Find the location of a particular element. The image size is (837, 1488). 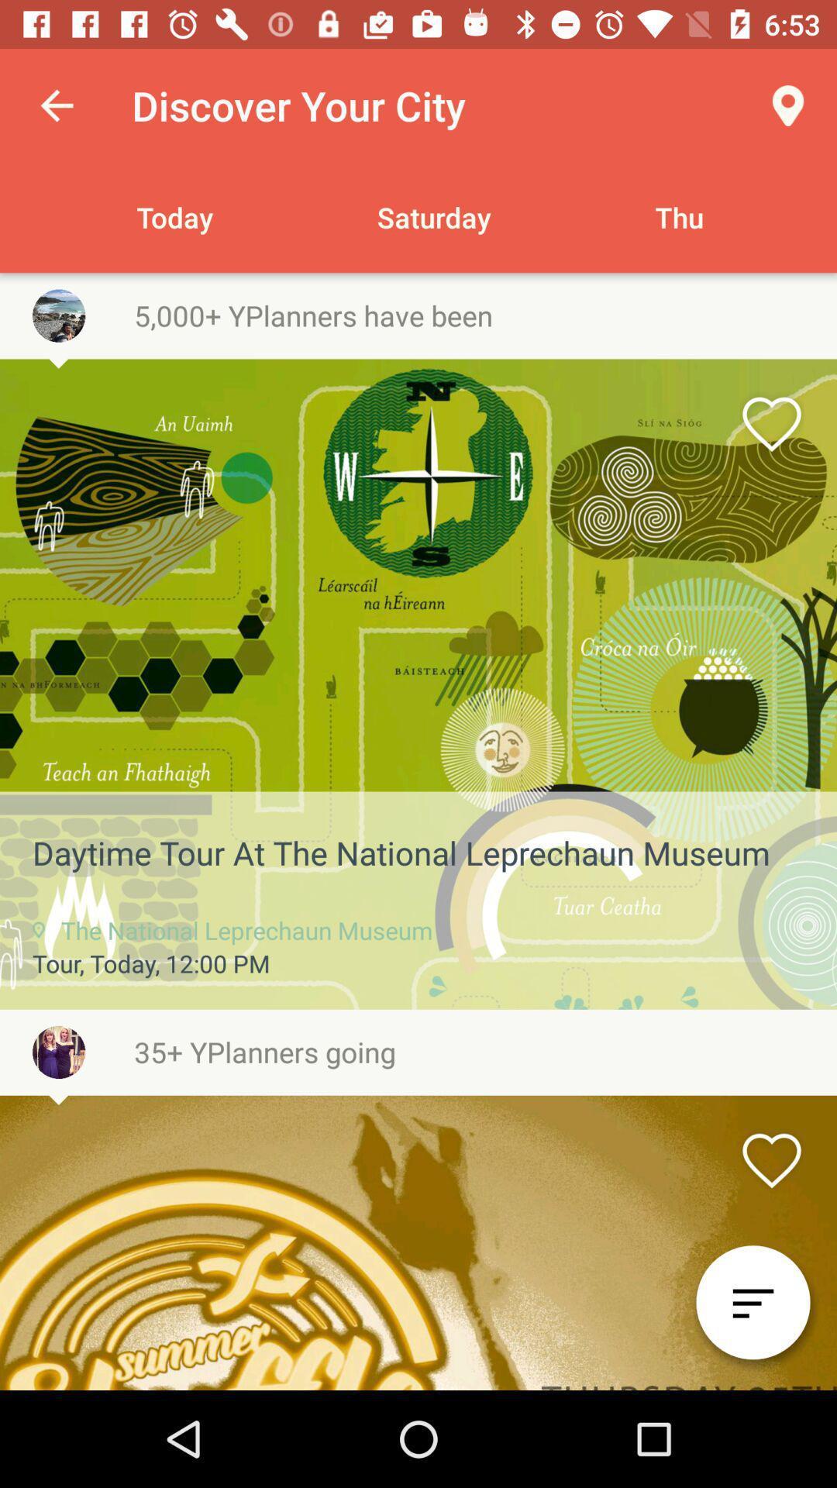

the filter_list icon is located at coordinates (753, 1302).